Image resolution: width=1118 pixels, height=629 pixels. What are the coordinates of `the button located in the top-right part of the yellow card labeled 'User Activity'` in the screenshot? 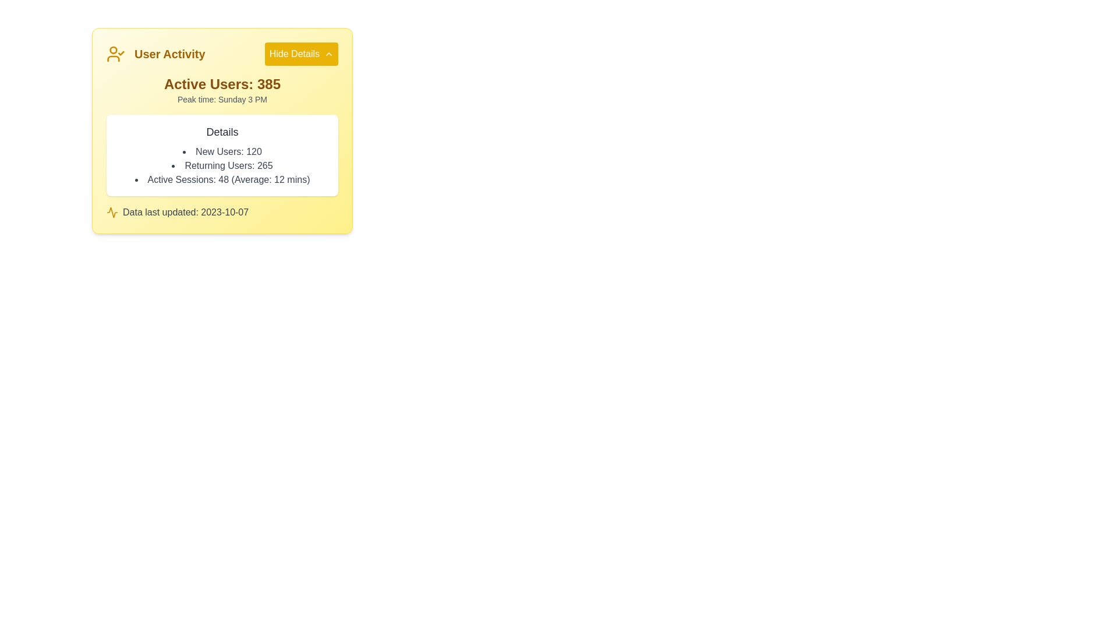 It's located at (301, 54).